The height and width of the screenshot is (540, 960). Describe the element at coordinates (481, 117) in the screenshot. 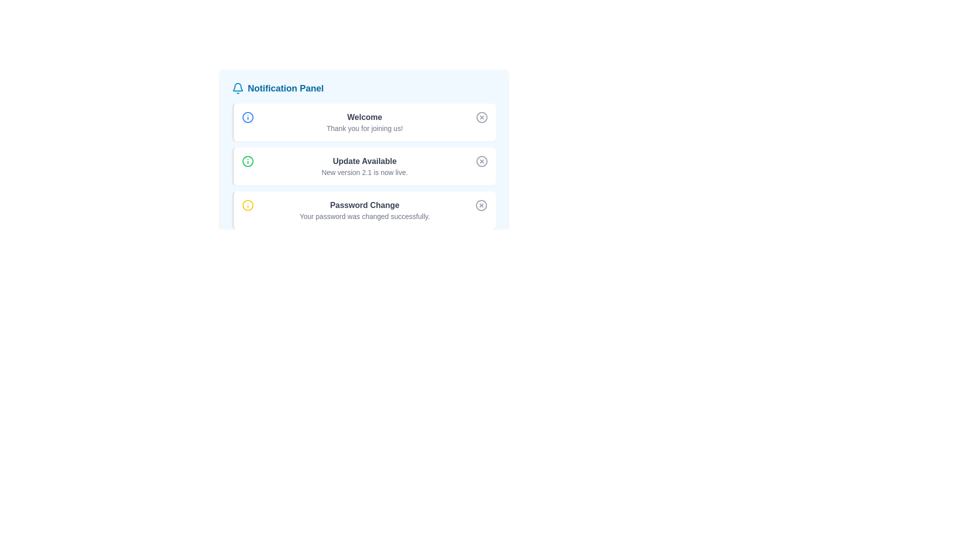

I see `the button with a circular border and an 'X' mark inside it, located at the top-right corner of the card containing 'Welcome' and 'Thank you for joining us!'` at that location.